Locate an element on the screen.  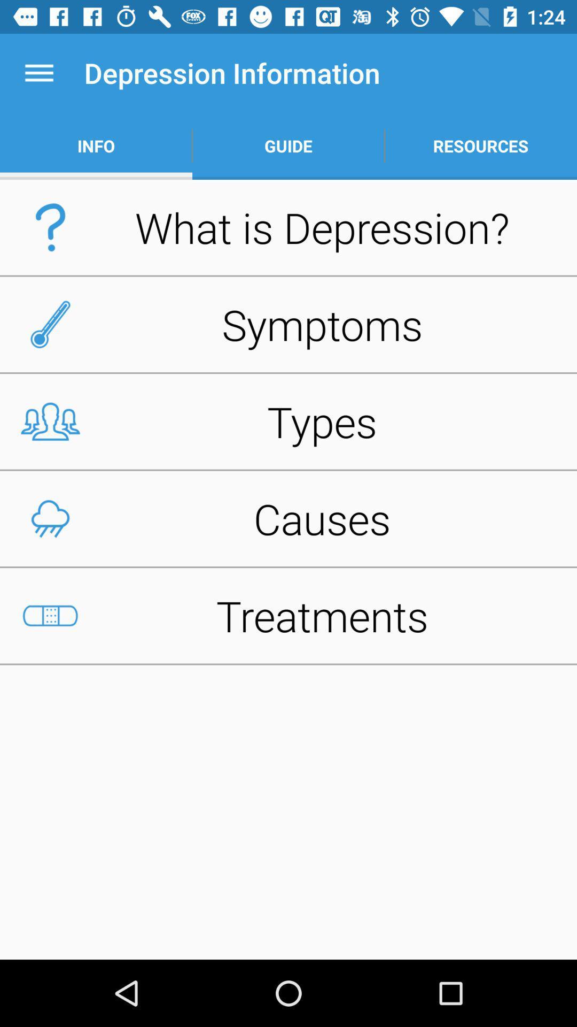
the item below the depression information icon is located at coordinates (288, 145).